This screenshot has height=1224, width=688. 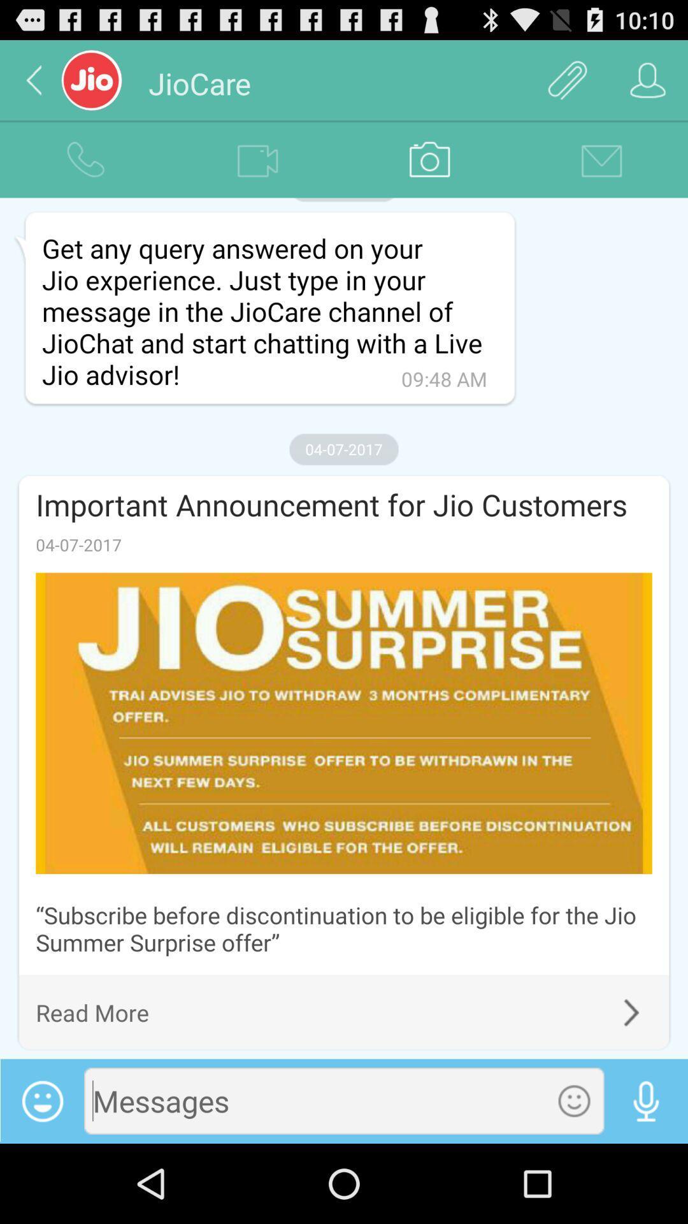 I want to click on the emoji icon, so click(x=41, y=1178).